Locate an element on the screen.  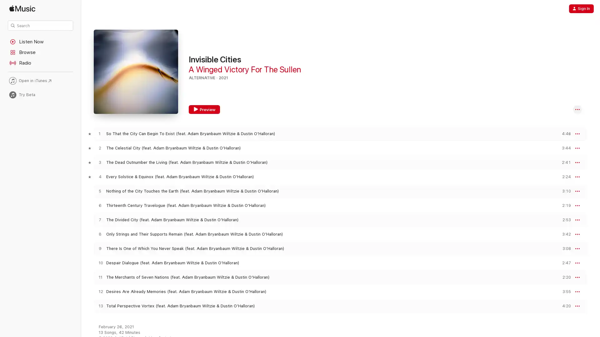
Preview is located at coordinates (564, 234).